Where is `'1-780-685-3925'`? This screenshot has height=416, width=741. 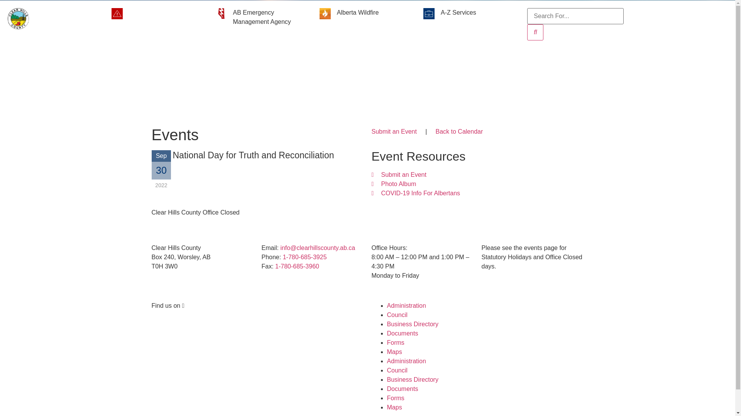 '1-780-685-3925' is located at coordinates (305, 257).